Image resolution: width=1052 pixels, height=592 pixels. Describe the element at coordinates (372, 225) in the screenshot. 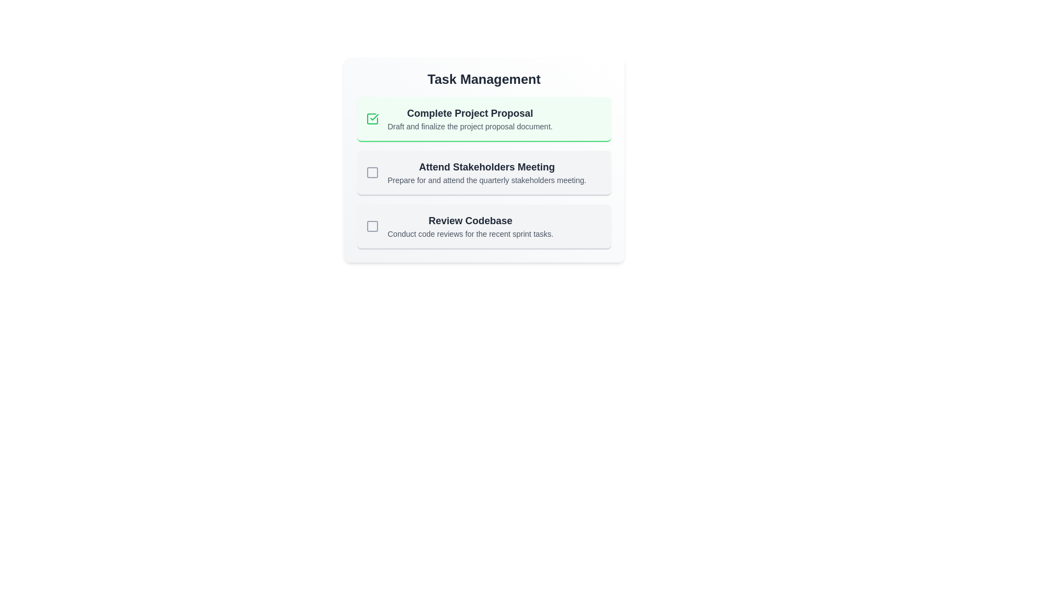

I see `the graphical decoration within the checkbox for the third task item titled 'Review Codebase', which is represented as a small rectangle with rounded corners and a light gray border` at that location.